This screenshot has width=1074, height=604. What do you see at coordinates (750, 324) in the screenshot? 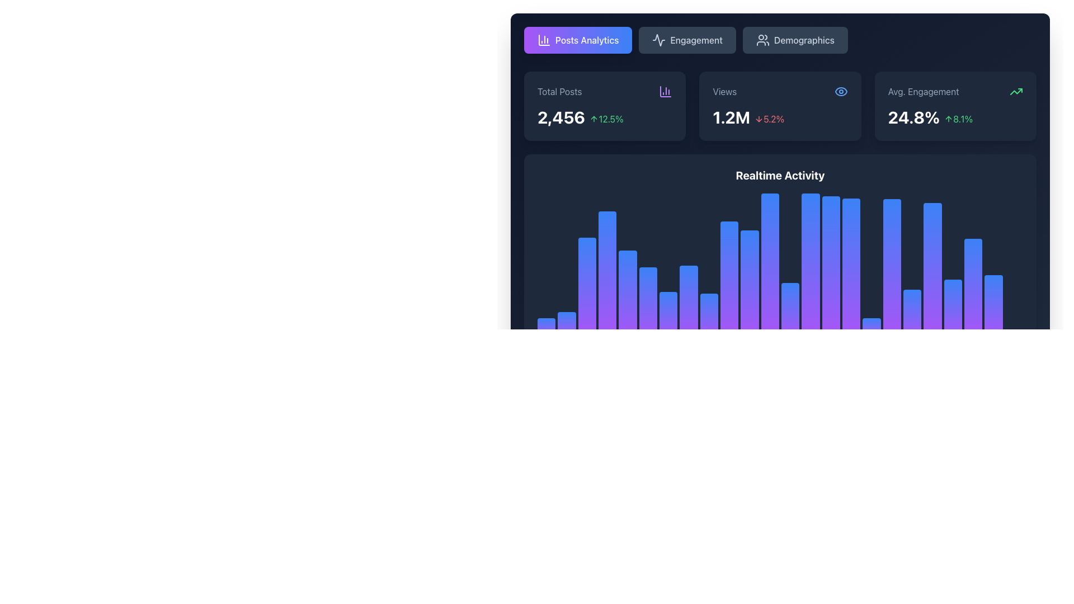
I see `the eleventh bar in the 'Realtime Activity' section of the bar chart, which is a vertically-oriented bar with a gradient color from blue to purple and rounded corners at the top` at bounding box center [750, 324].